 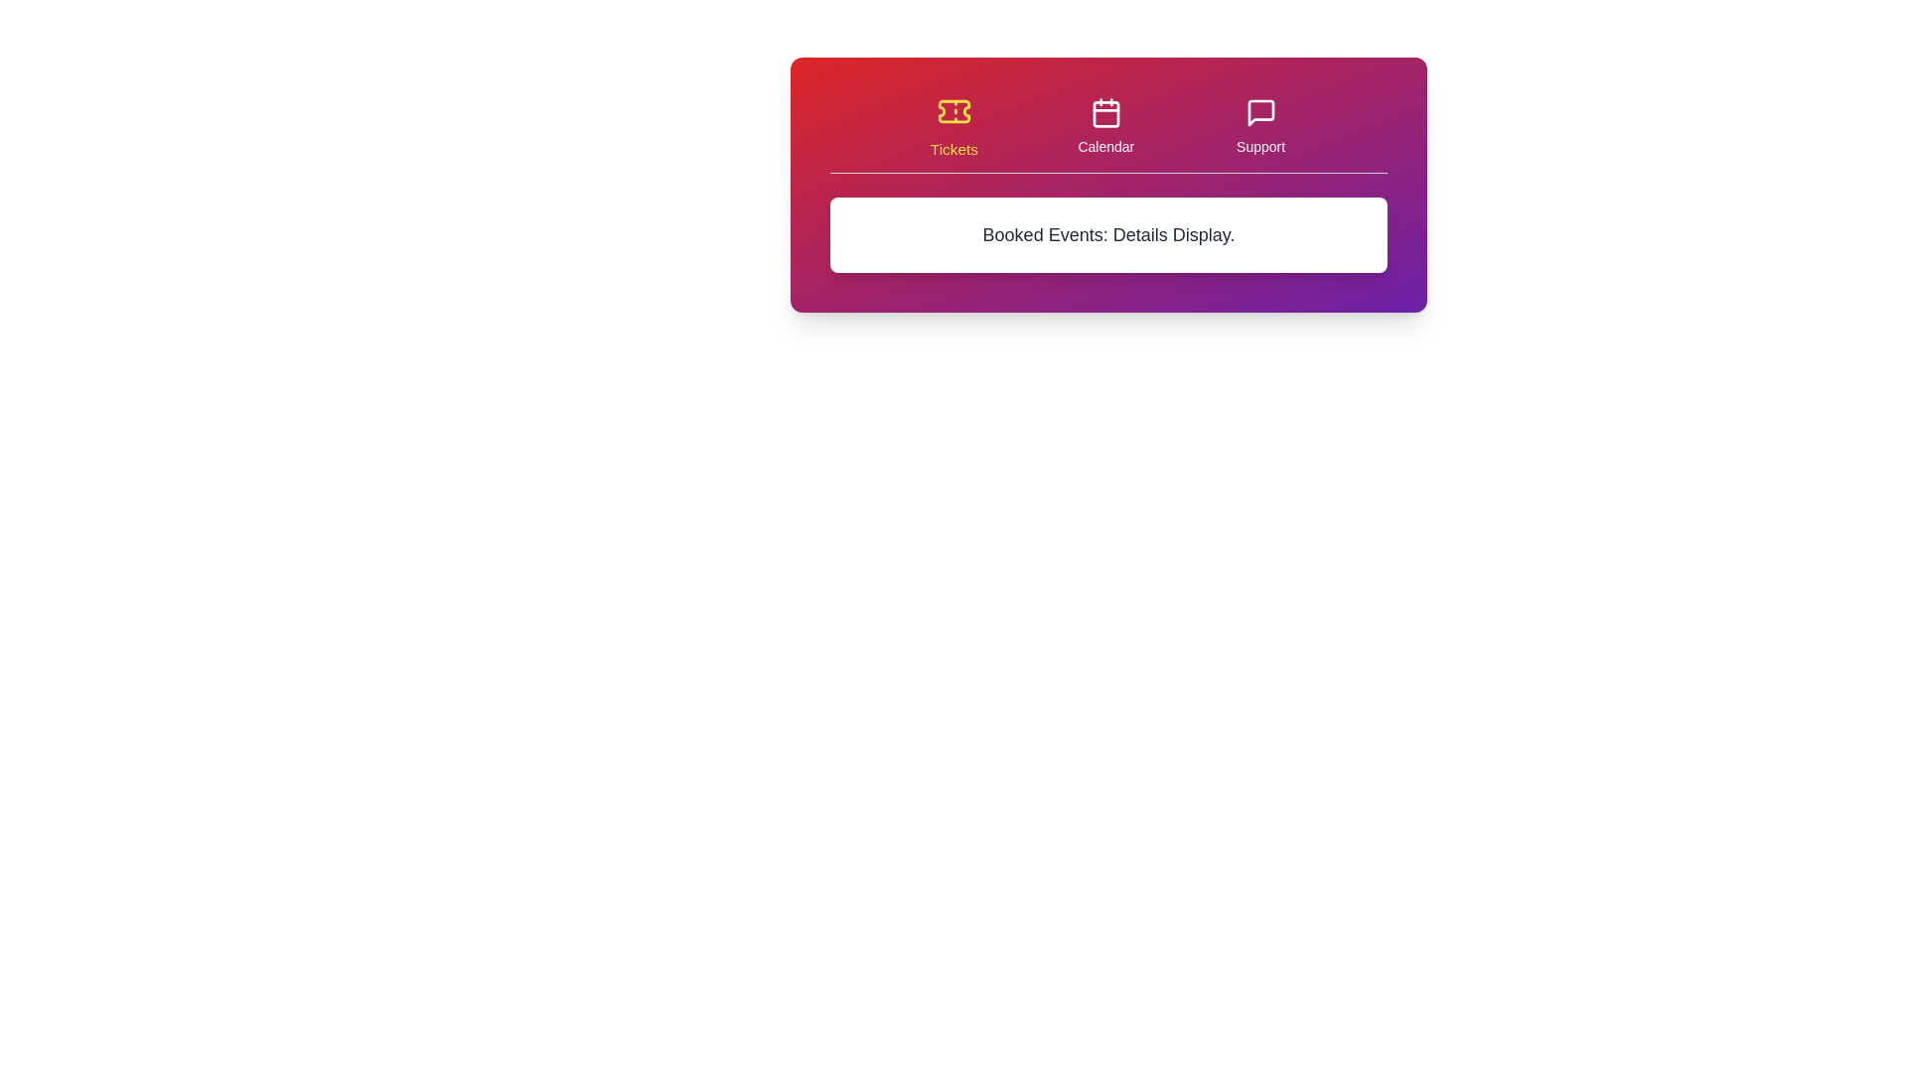 I want to click on the Support tab to switch its content, so click(x=1259, y=126).